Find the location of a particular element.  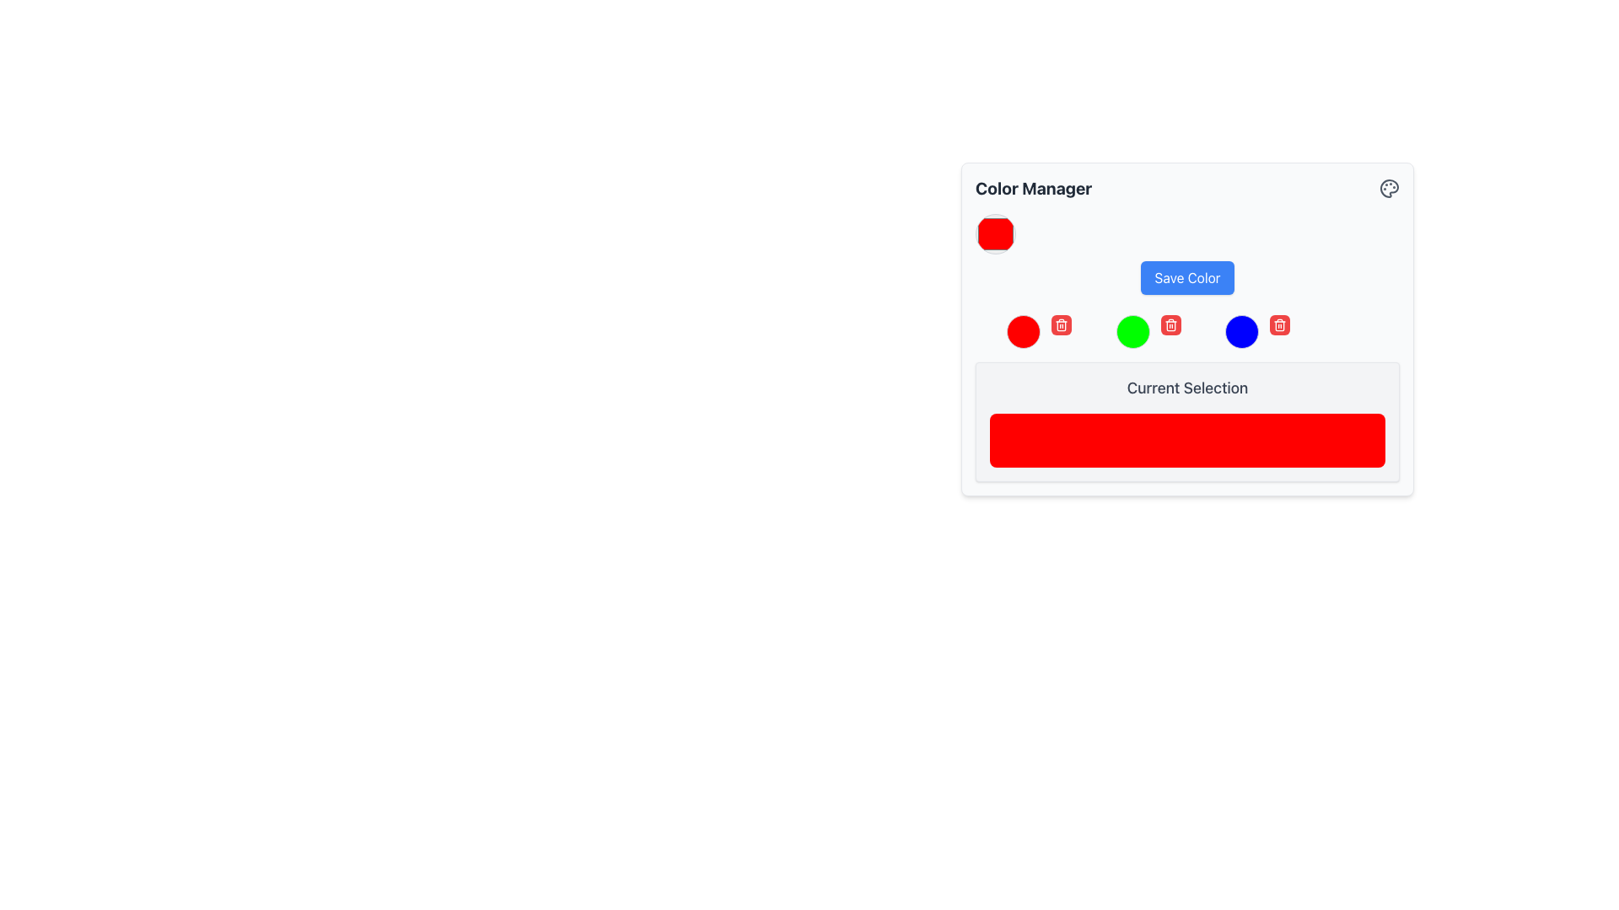

the displayed selection on the Display Panel, which has a light gray background, displays 'Current Selection' in bold, and features a prominent red bar below the text is located at coordinates (1186, 421).